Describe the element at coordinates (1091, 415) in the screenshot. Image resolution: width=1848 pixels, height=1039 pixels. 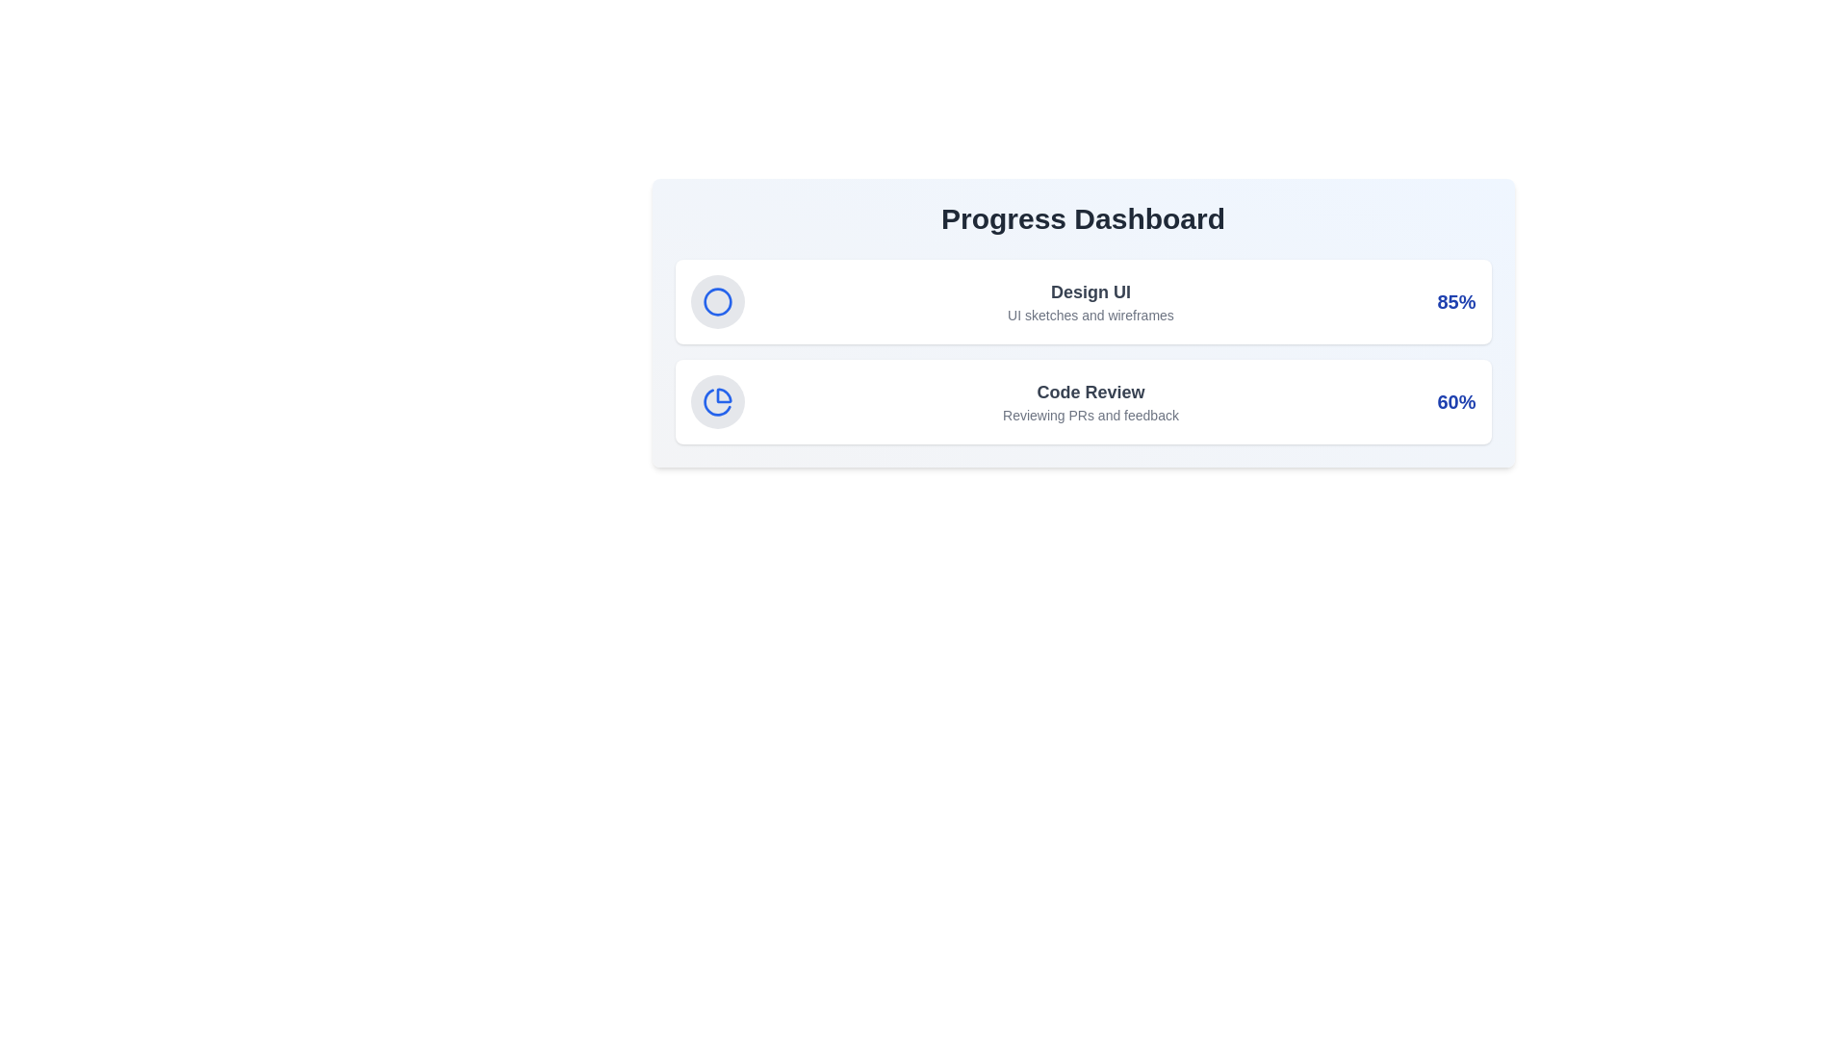
I see `text from the small gray-colored text block containing the phrase 'Reviewing PRs and feedback', located beneath the 'Code Review' heading` at that location.